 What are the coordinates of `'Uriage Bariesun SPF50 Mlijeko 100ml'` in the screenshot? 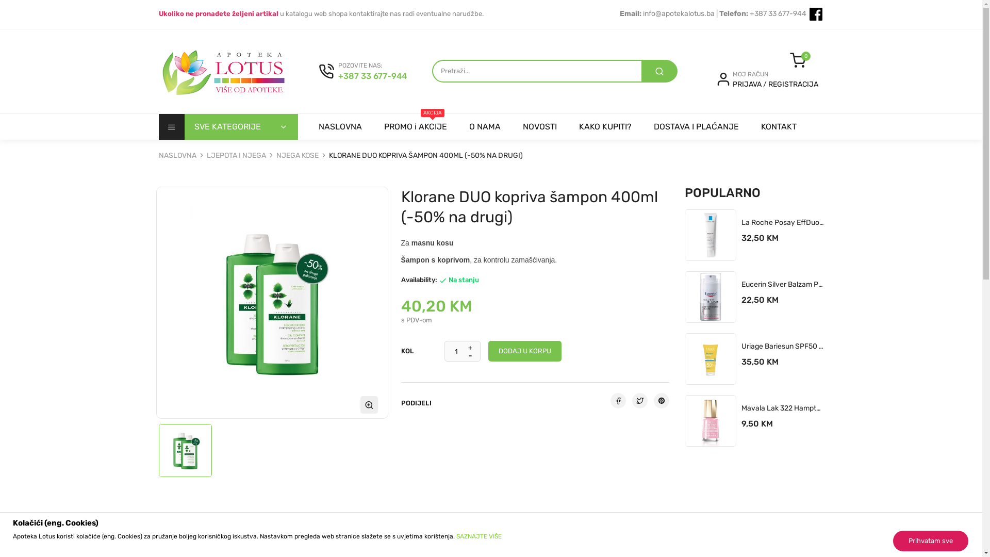 It's located at (741, 347).